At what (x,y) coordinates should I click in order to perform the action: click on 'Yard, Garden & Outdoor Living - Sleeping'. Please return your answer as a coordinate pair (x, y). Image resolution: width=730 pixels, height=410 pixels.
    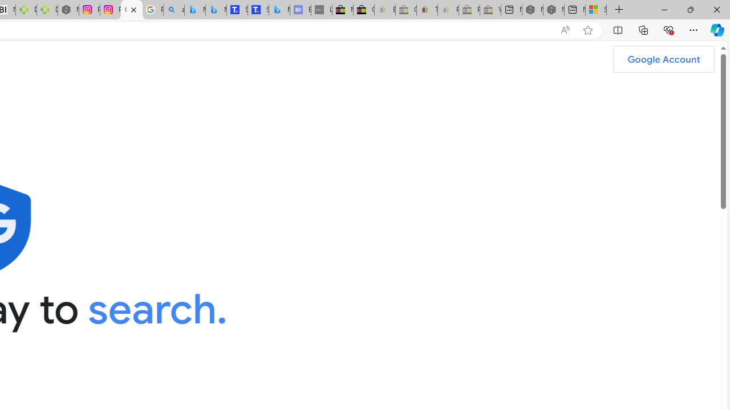
    Looking at the image, I should click on (490, 10).